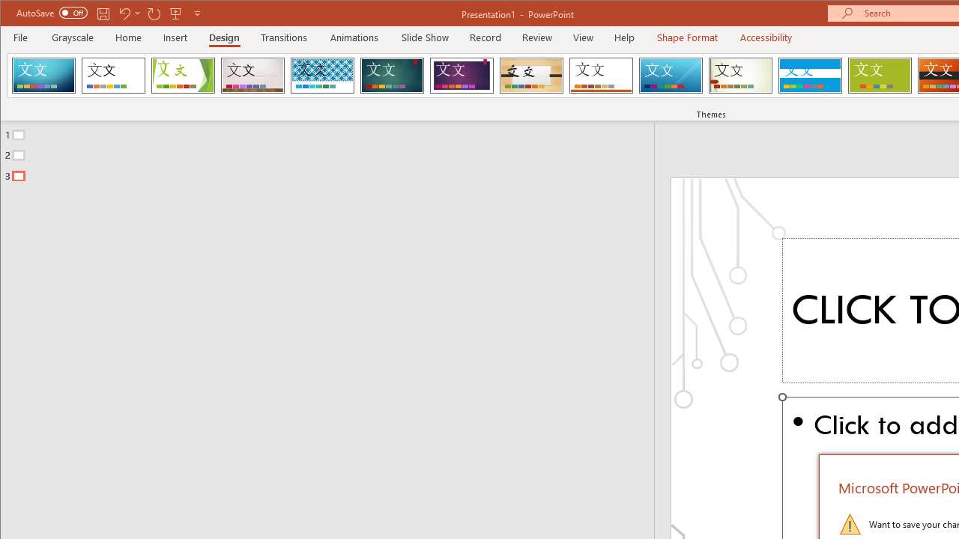 Image resolution: width=959 pixels, height=539 pixels. What do you see at coordinates (601, 75) in the screenshot?
I see `'Retrospect'` at bounding box center [601, 75].